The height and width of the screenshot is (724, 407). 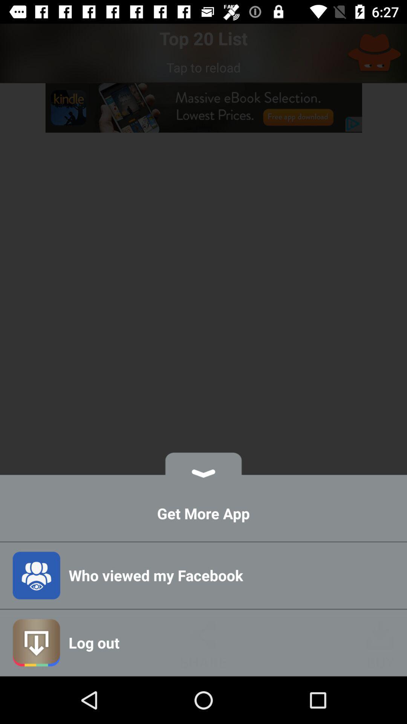 I want to click on tap to reload item, so click(x=203, y=67).